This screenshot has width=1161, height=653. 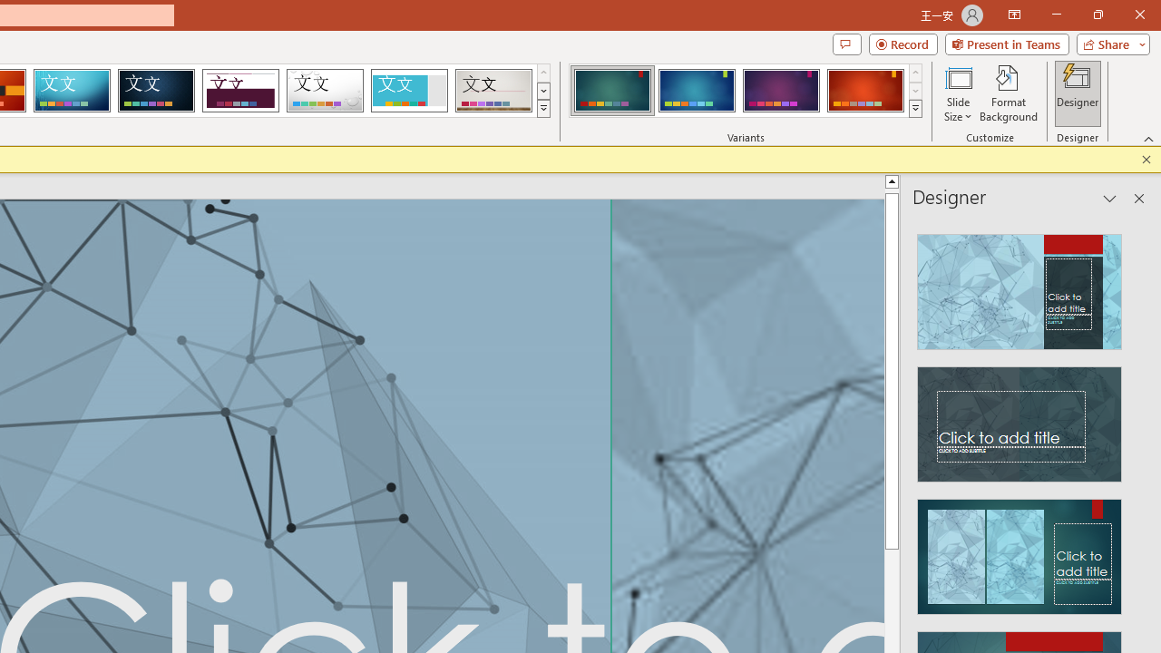 I want to click on 'Format Background', so click(x=1008, y=93).